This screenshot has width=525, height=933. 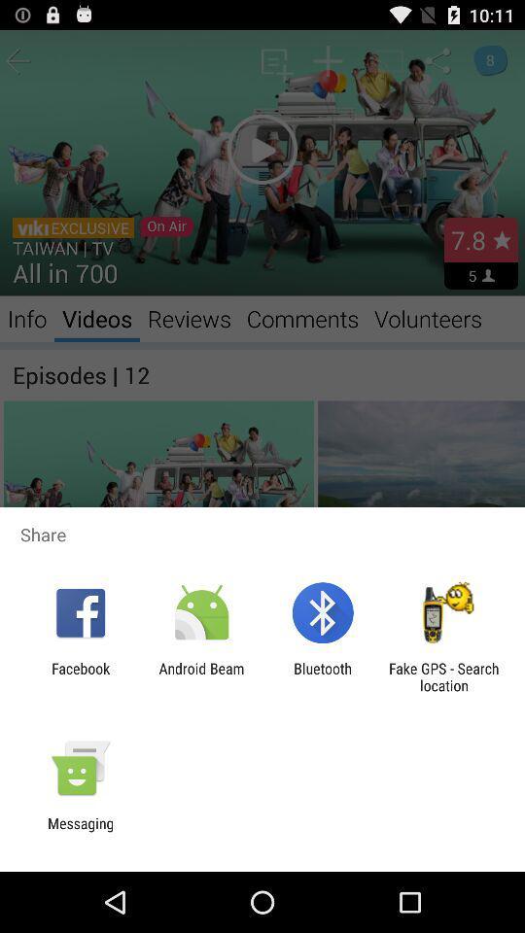 What do you see at coordinates (80, 676) in the screenshot?
I see `the item to the left of the android beam app` at bounding box center [80, 676].